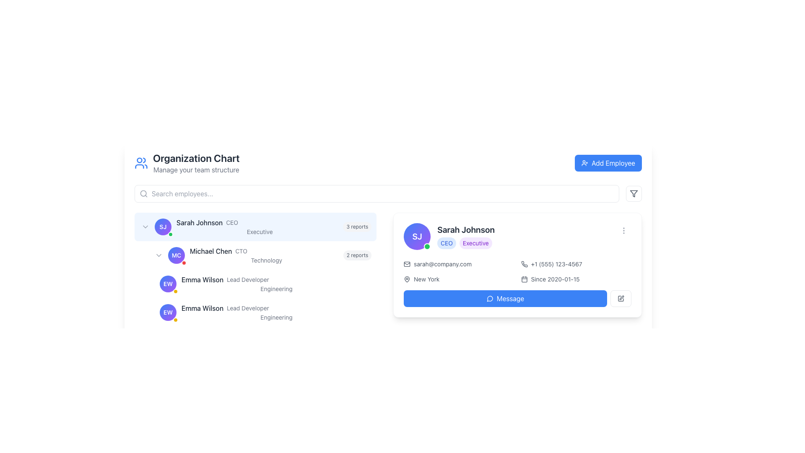  I want to click on the text label displaying 'Sarah Johnson' to trigger the tooltip, so click(199, 222).